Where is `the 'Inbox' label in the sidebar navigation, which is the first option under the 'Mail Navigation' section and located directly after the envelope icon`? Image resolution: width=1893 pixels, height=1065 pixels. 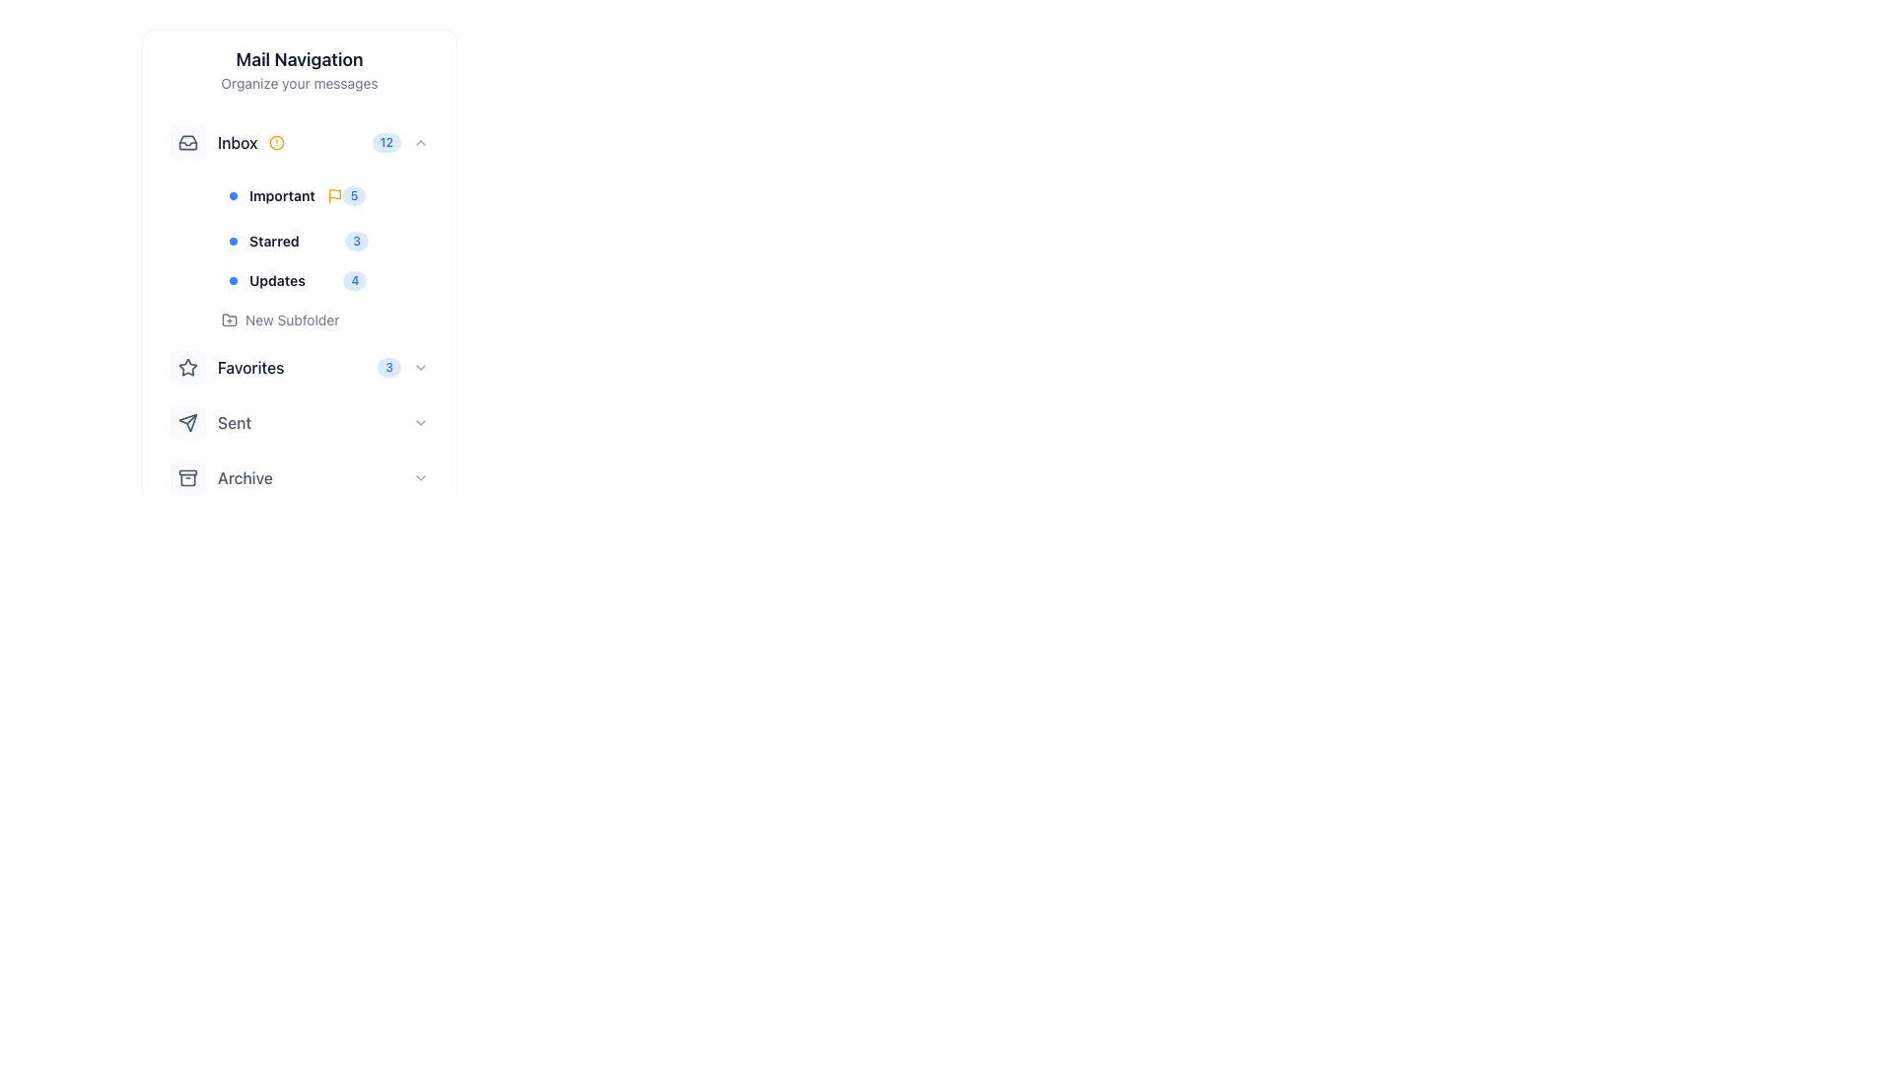 the 'Inbox' label in the sidebar navigation, which is the first option under the 'Mail Navigation' section and located directly after the envelope icon is located at coordinates (228, 142).